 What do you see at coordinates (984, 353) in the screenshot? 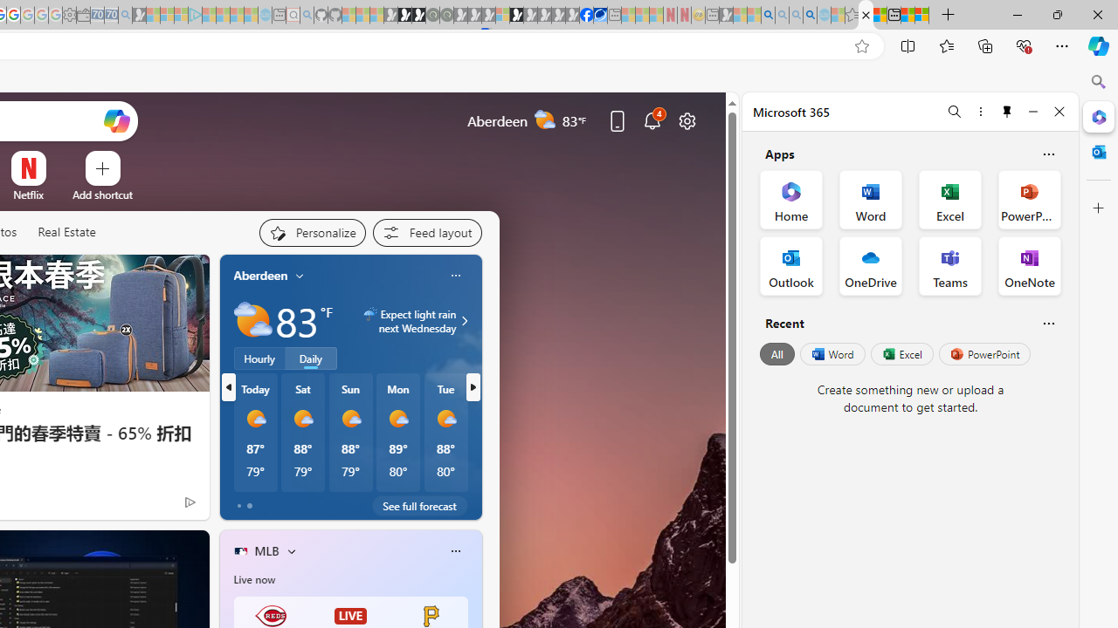
I see `'PowerPoint'` at bounding box center [984, 353].